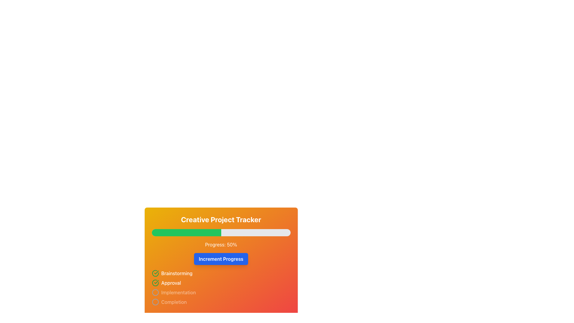  Describe the element at coordinates (221, 256) in the screenshot. I see `the progress increment button located below the 'Progress: 50%' text and above the project stages list` at that location.